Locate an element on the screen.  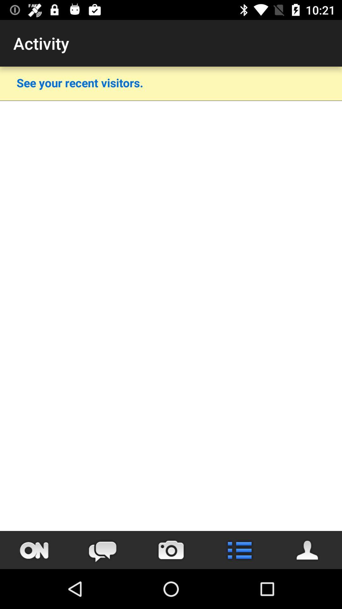
the see your recent is located at coordinates (79, 82).